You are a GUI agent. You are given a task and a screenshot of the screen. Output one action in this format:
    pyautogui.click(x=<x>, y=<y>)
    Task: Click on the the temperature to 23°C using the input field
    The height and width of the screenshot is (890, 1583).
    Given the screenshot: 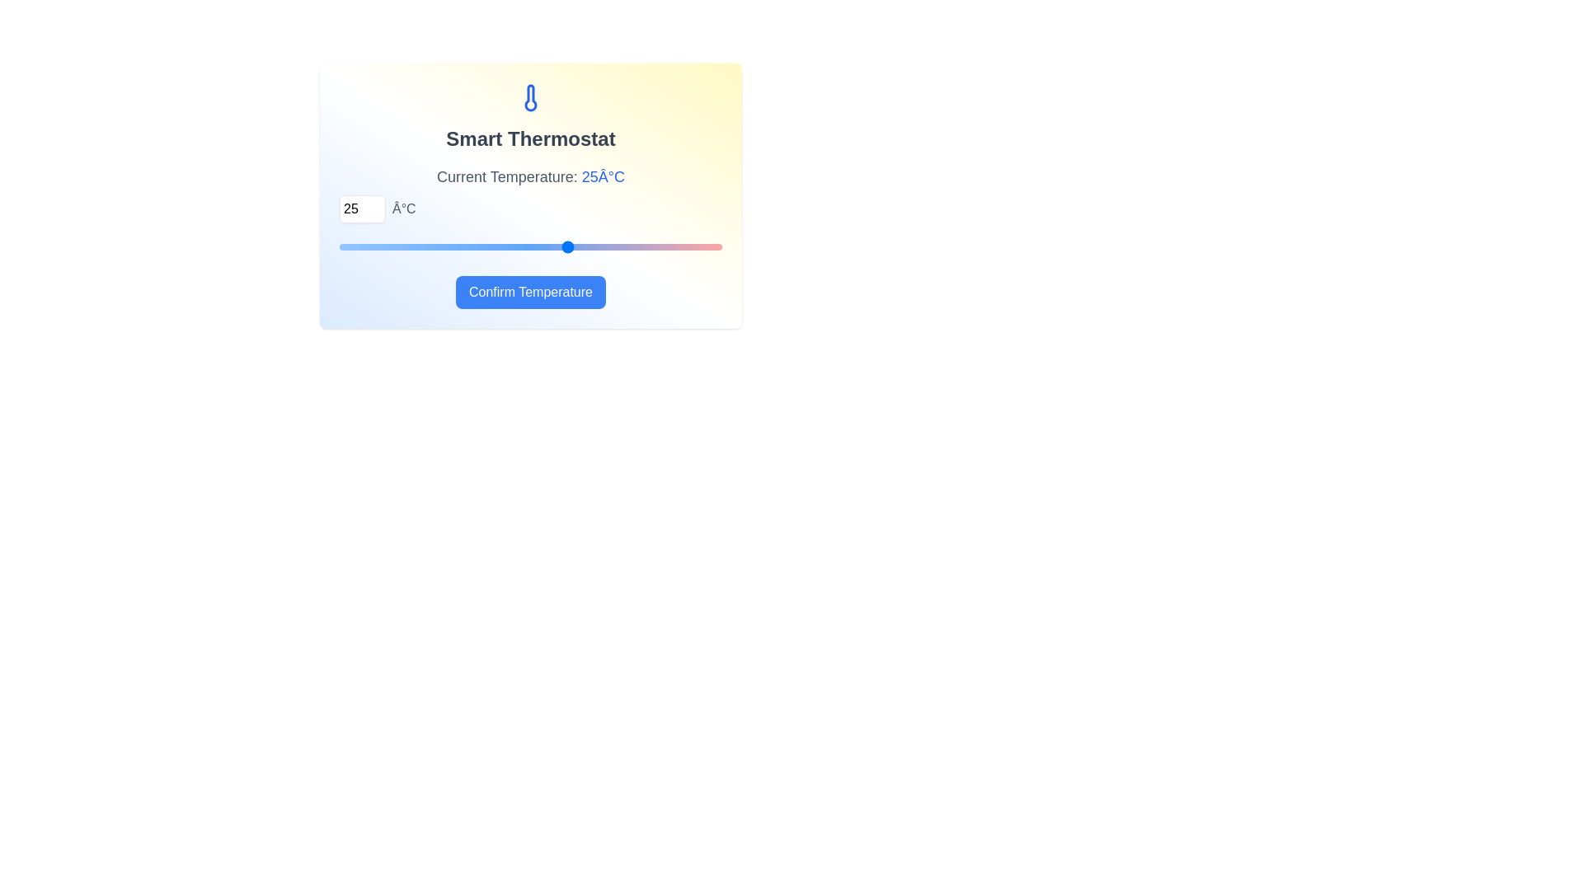 What is the action you would take?
    pyautogui.click(x=362, y=208)
    